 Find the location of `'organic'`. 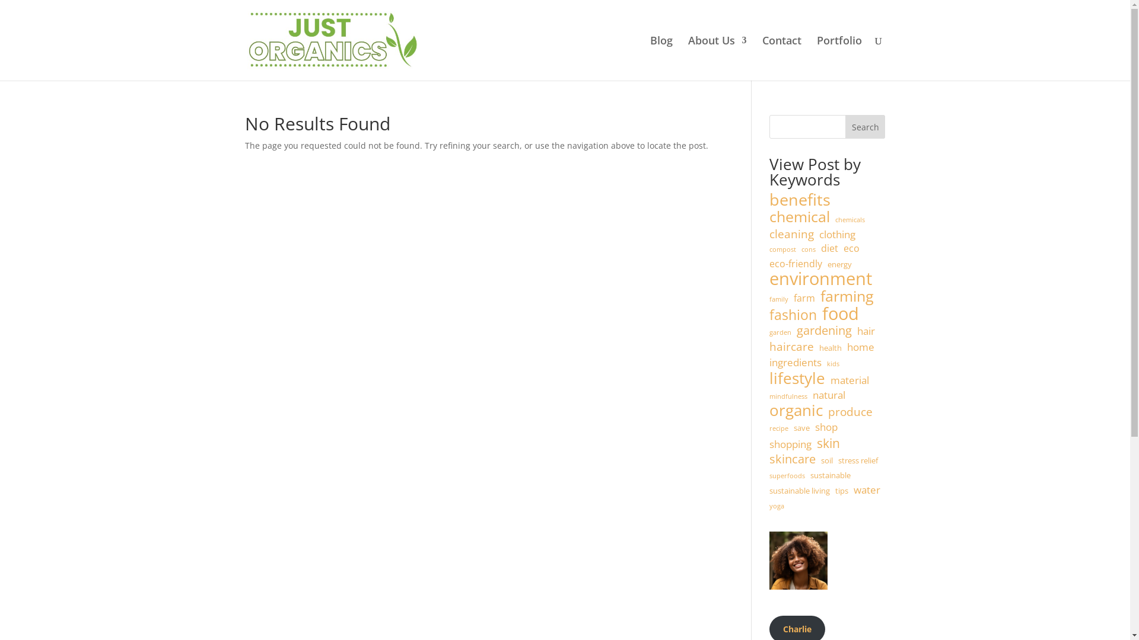

'organic' is located at coordinates (796, 410).